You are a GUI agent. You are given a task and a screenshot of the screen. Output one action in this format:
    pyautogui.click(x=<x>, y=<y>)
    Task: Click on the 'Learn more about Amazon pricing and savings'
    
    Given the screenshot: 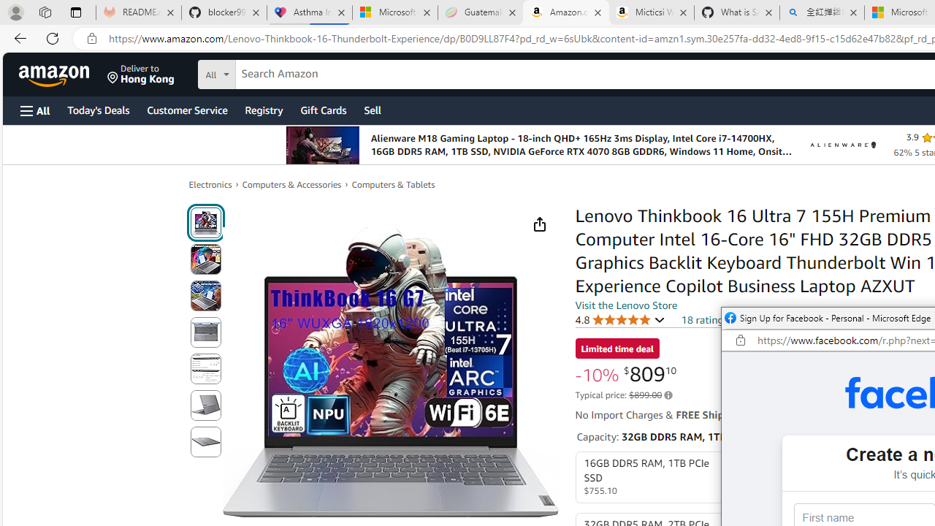 What is the action you would take?
    pyautogui.click(x=668, y=395)
    